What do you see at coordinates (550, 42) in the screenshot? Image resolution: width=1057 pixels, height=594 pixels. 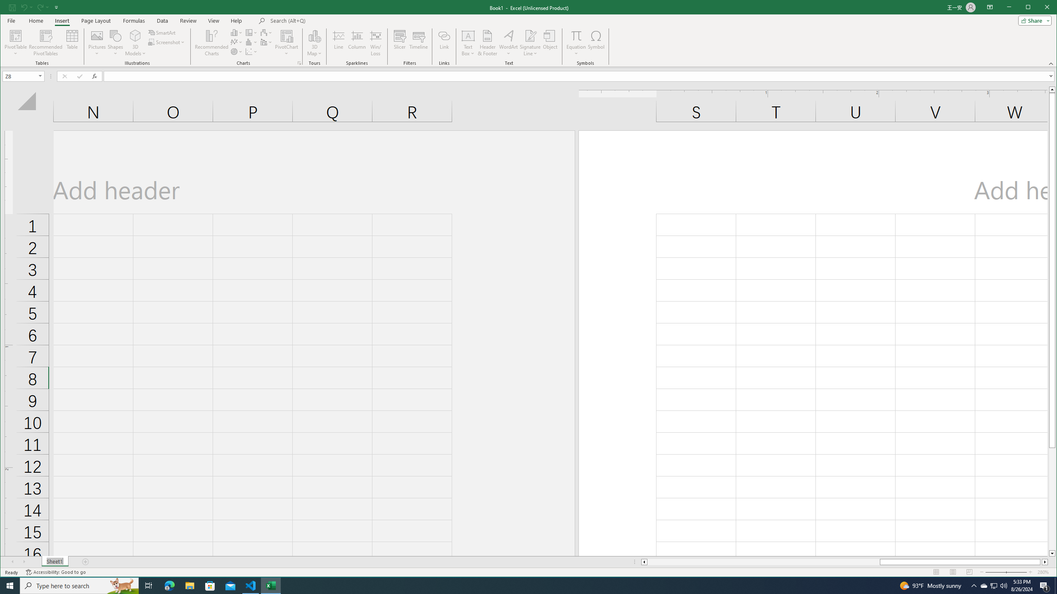 I see `'Object...'` at bounding box center [550, 42].